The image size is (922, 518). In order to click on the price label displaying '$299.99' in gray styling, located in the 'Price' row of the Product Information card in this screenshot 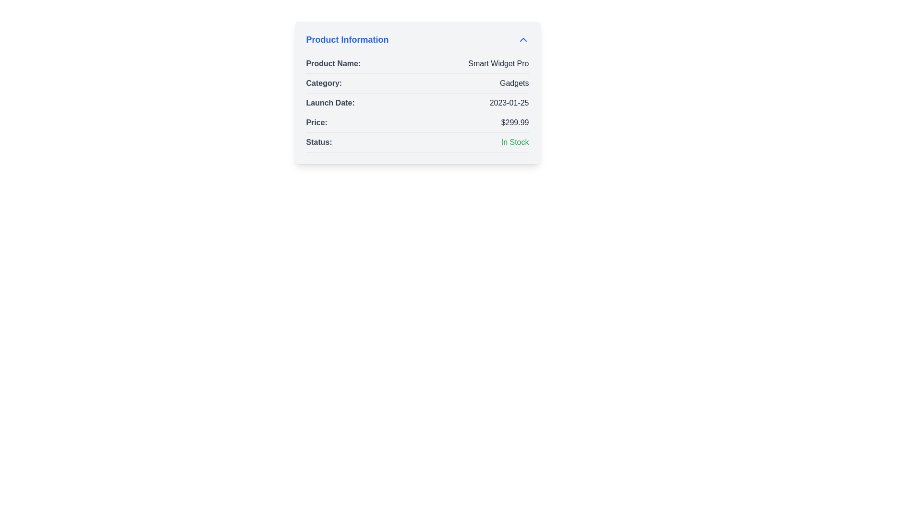, I will do `click(514, 122)`.